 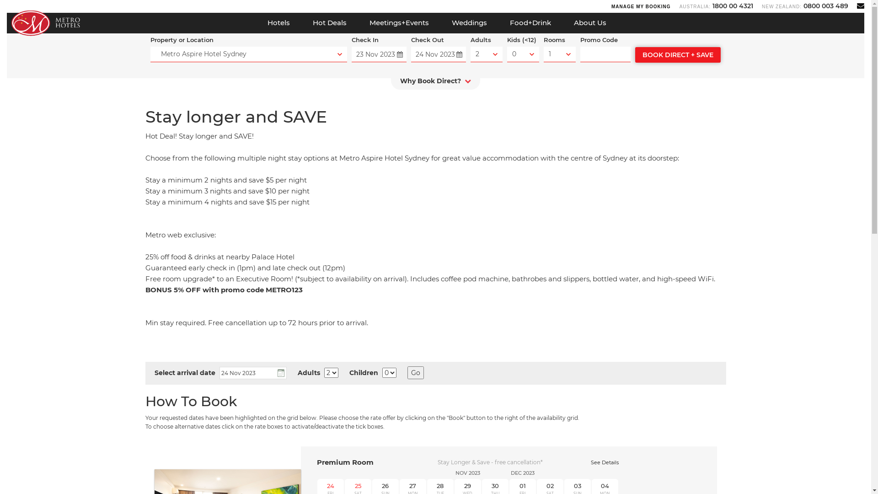 I want to click on 'Go', so click(x=414, y=372).